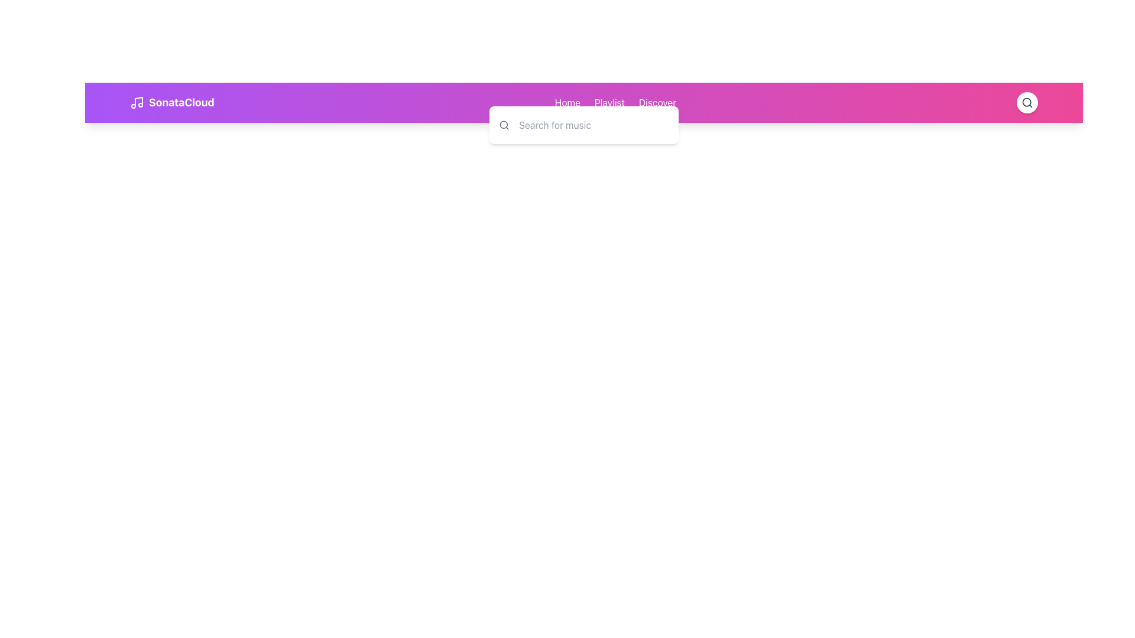  I want to click on the decorative graphical component of the search icon, which represents the lens of the magnifying glass, located at the far right end of the navigation bar, so click(1026, 102).